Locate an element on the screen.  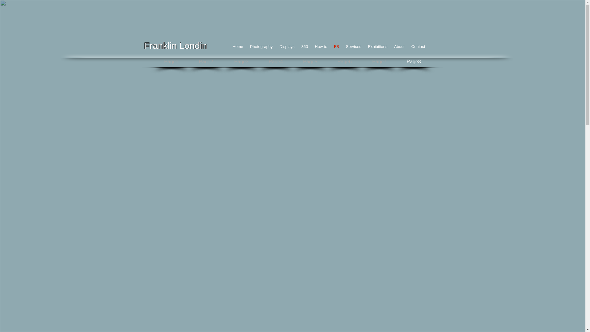
'Services' is located at coordinates (353, 46).